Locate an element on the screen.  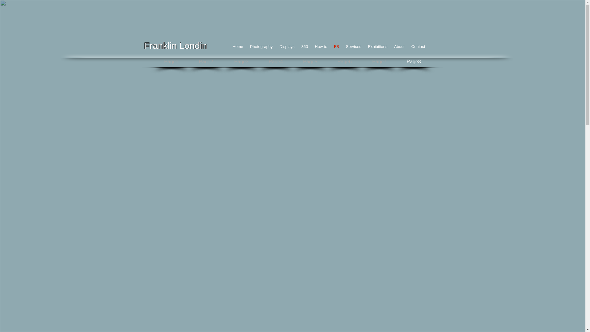
'Services' is located at coordinates (353, 46).